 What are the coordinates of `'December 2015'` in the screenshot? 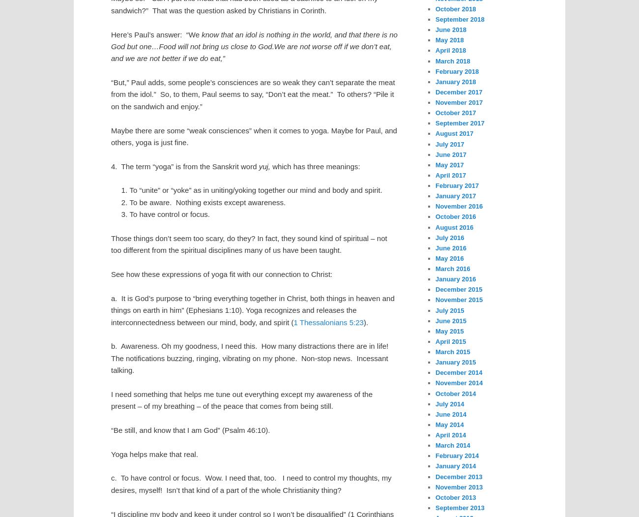 It's located at (459, 289).